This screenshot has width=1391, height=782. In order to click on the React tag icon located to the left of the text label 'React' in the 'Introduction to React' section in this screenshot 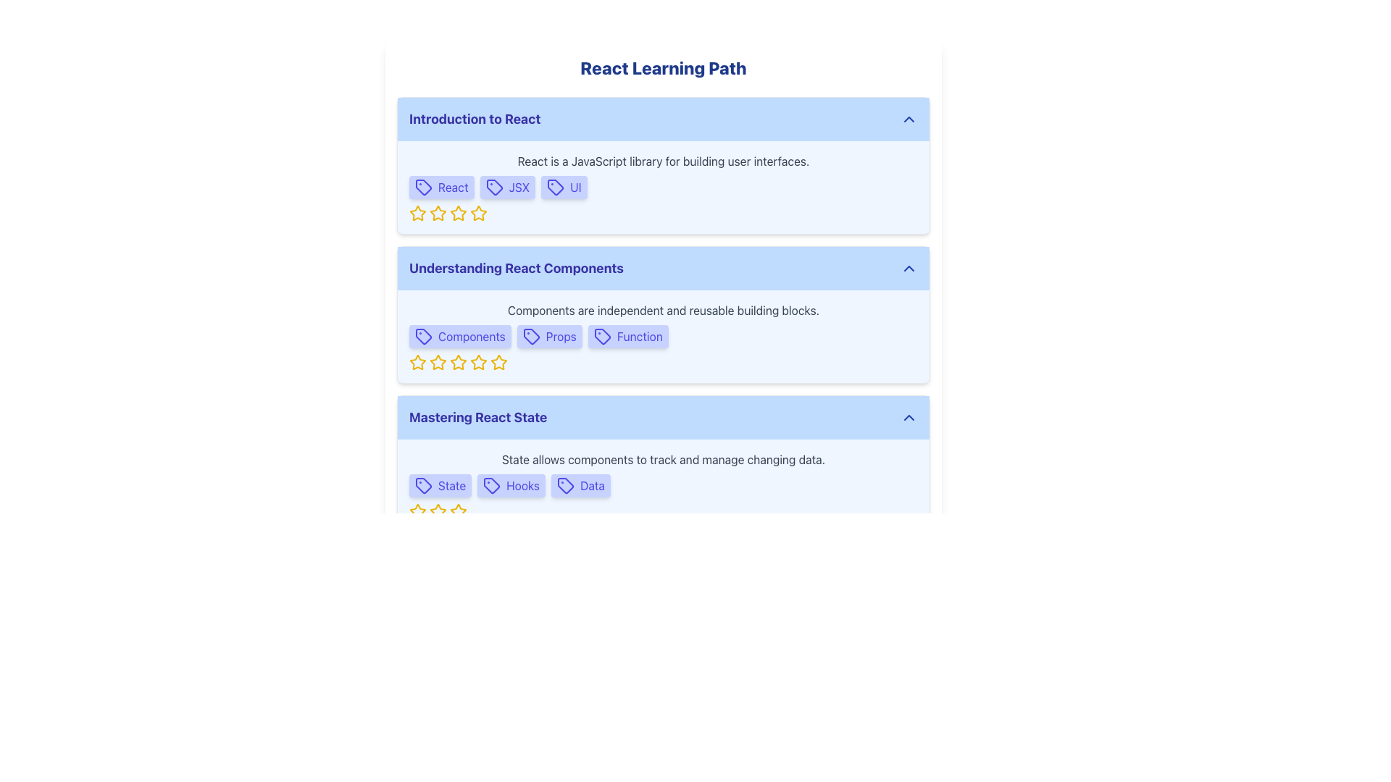, I will do `click(423, 186)`.